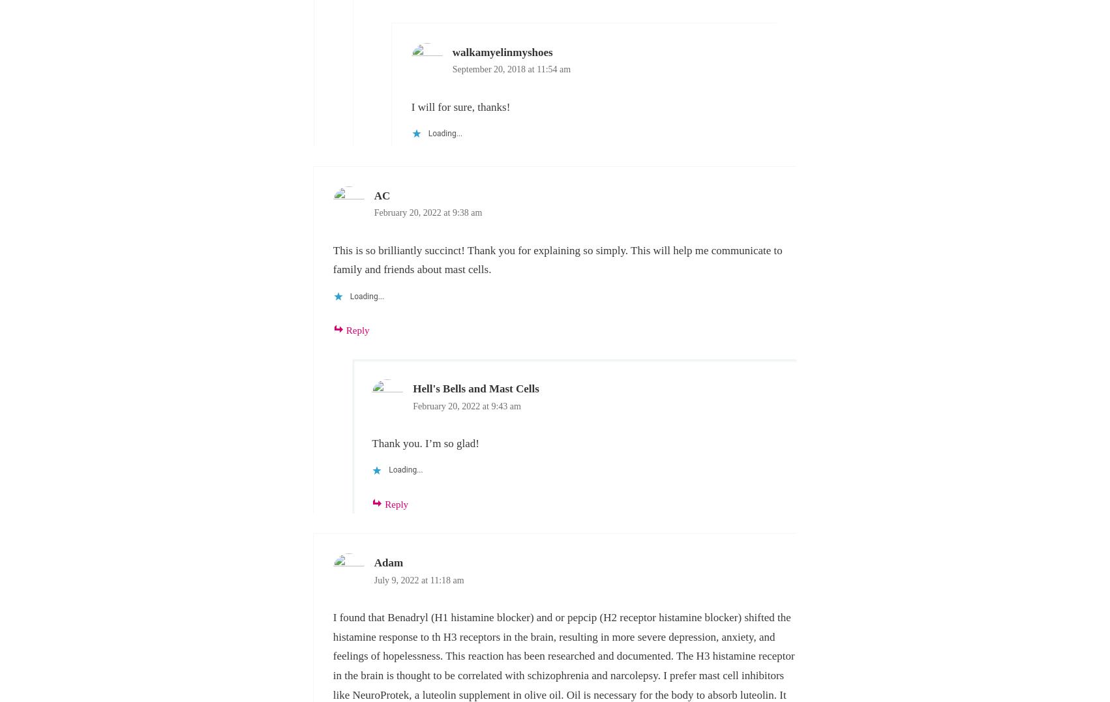 Image resolution: width=1110 pixels, height=702 pixels. I want to click on 'Thank you. I’m so glad!', so click(425, 443).